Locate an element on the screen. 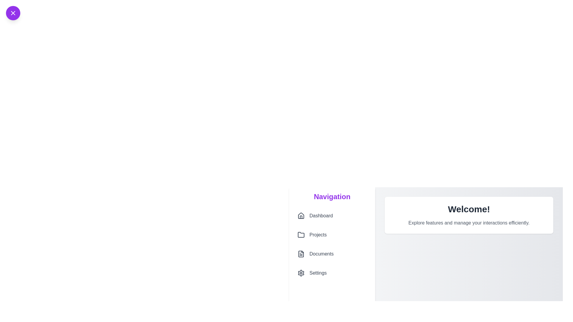 The image size is (573, 322). the navigation menu item Projects is located at coordinates (332, 234).